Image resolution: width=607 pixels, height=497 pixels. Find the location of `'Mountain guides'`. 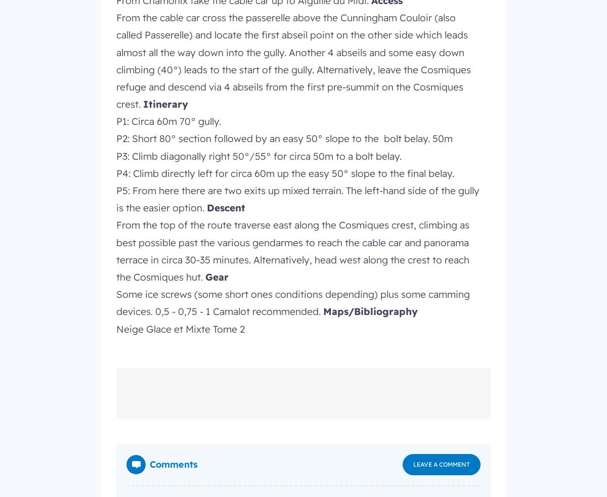

'Mountain guides' is located at coordinates (342, 5).